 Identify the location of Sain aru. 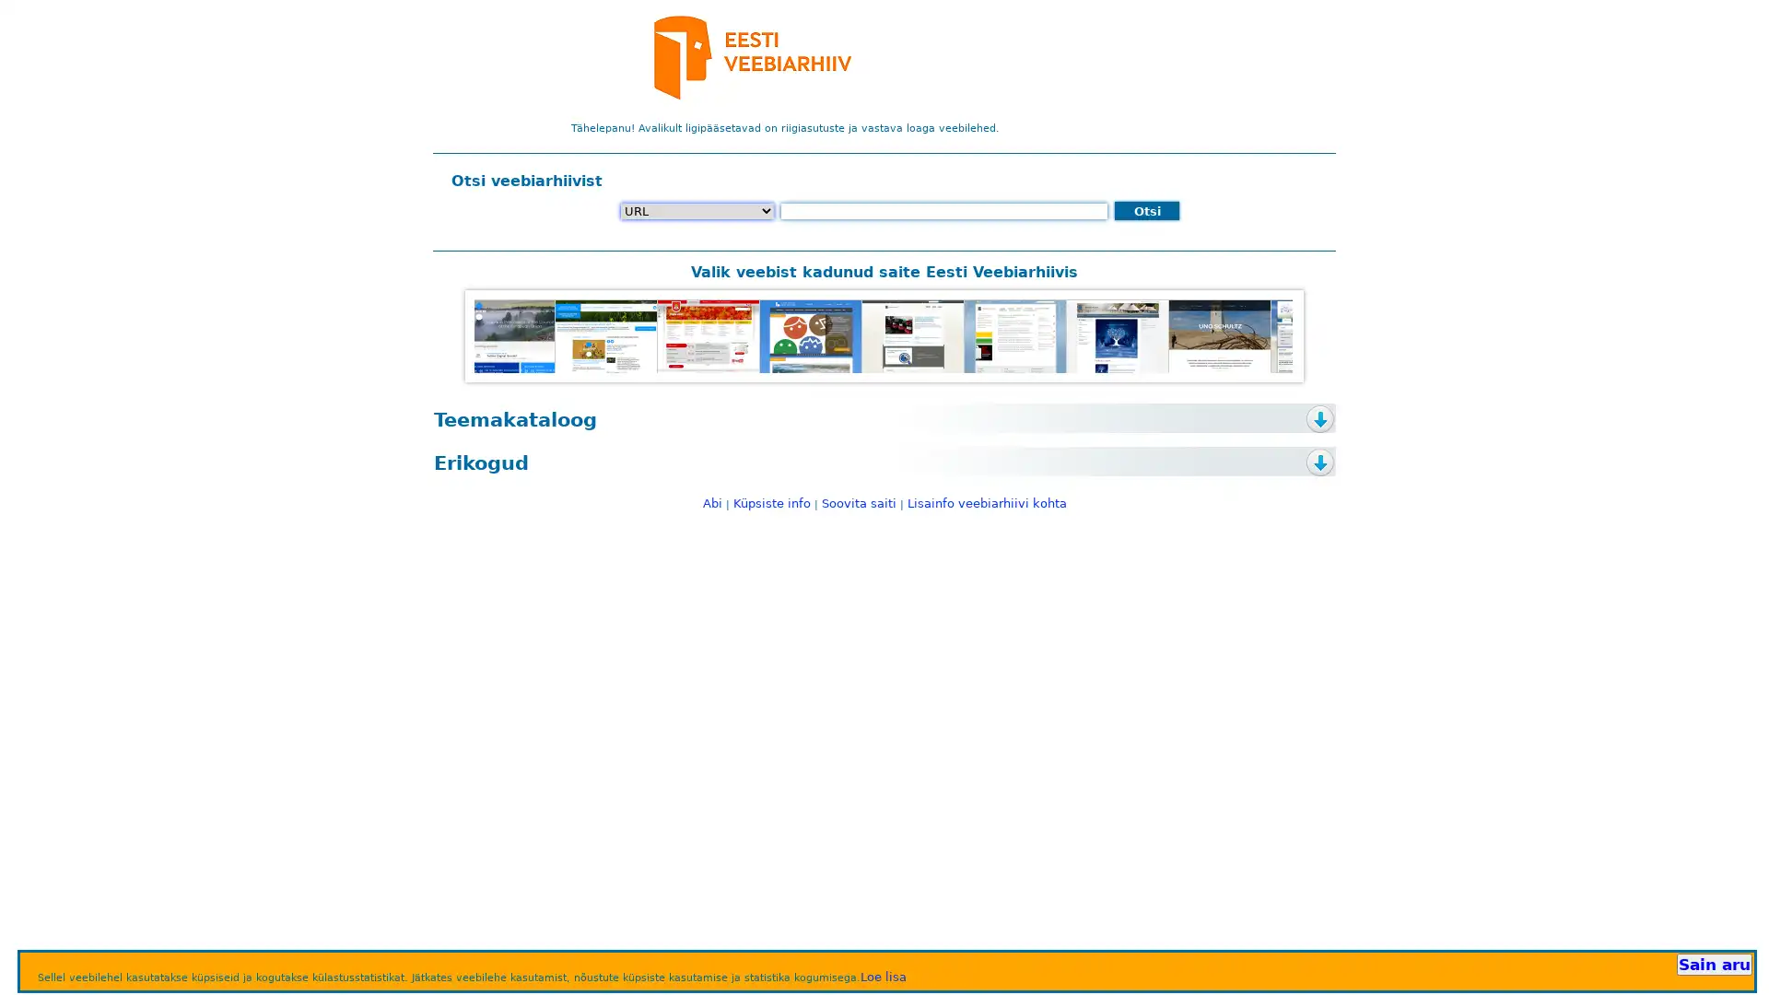
(1713, 963).